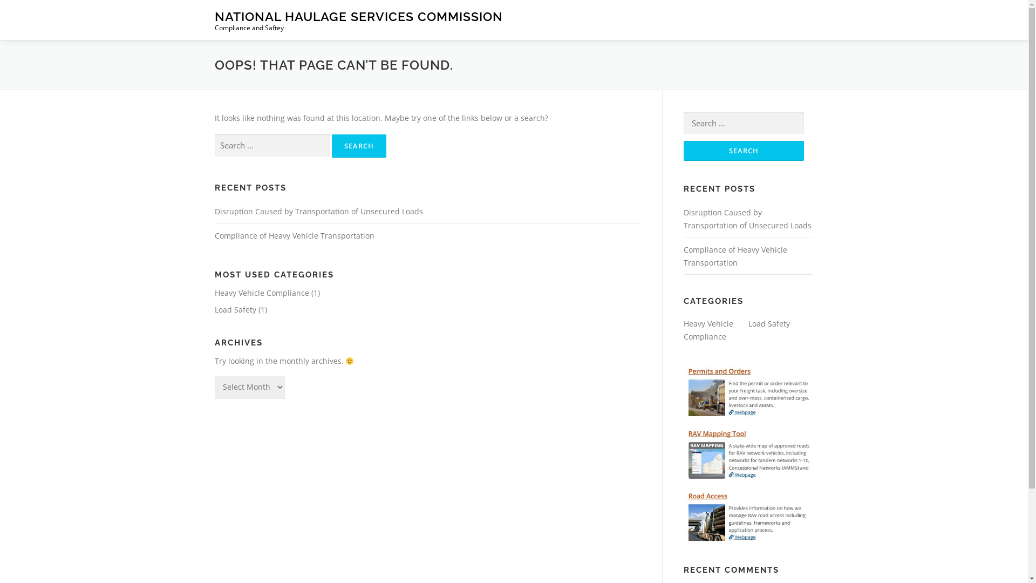 Image resolution: width=1036 pixels, height=583 pixels. Describe the element at coordinates (358, 146) in the screenshot. I see `'Search'` at that location.